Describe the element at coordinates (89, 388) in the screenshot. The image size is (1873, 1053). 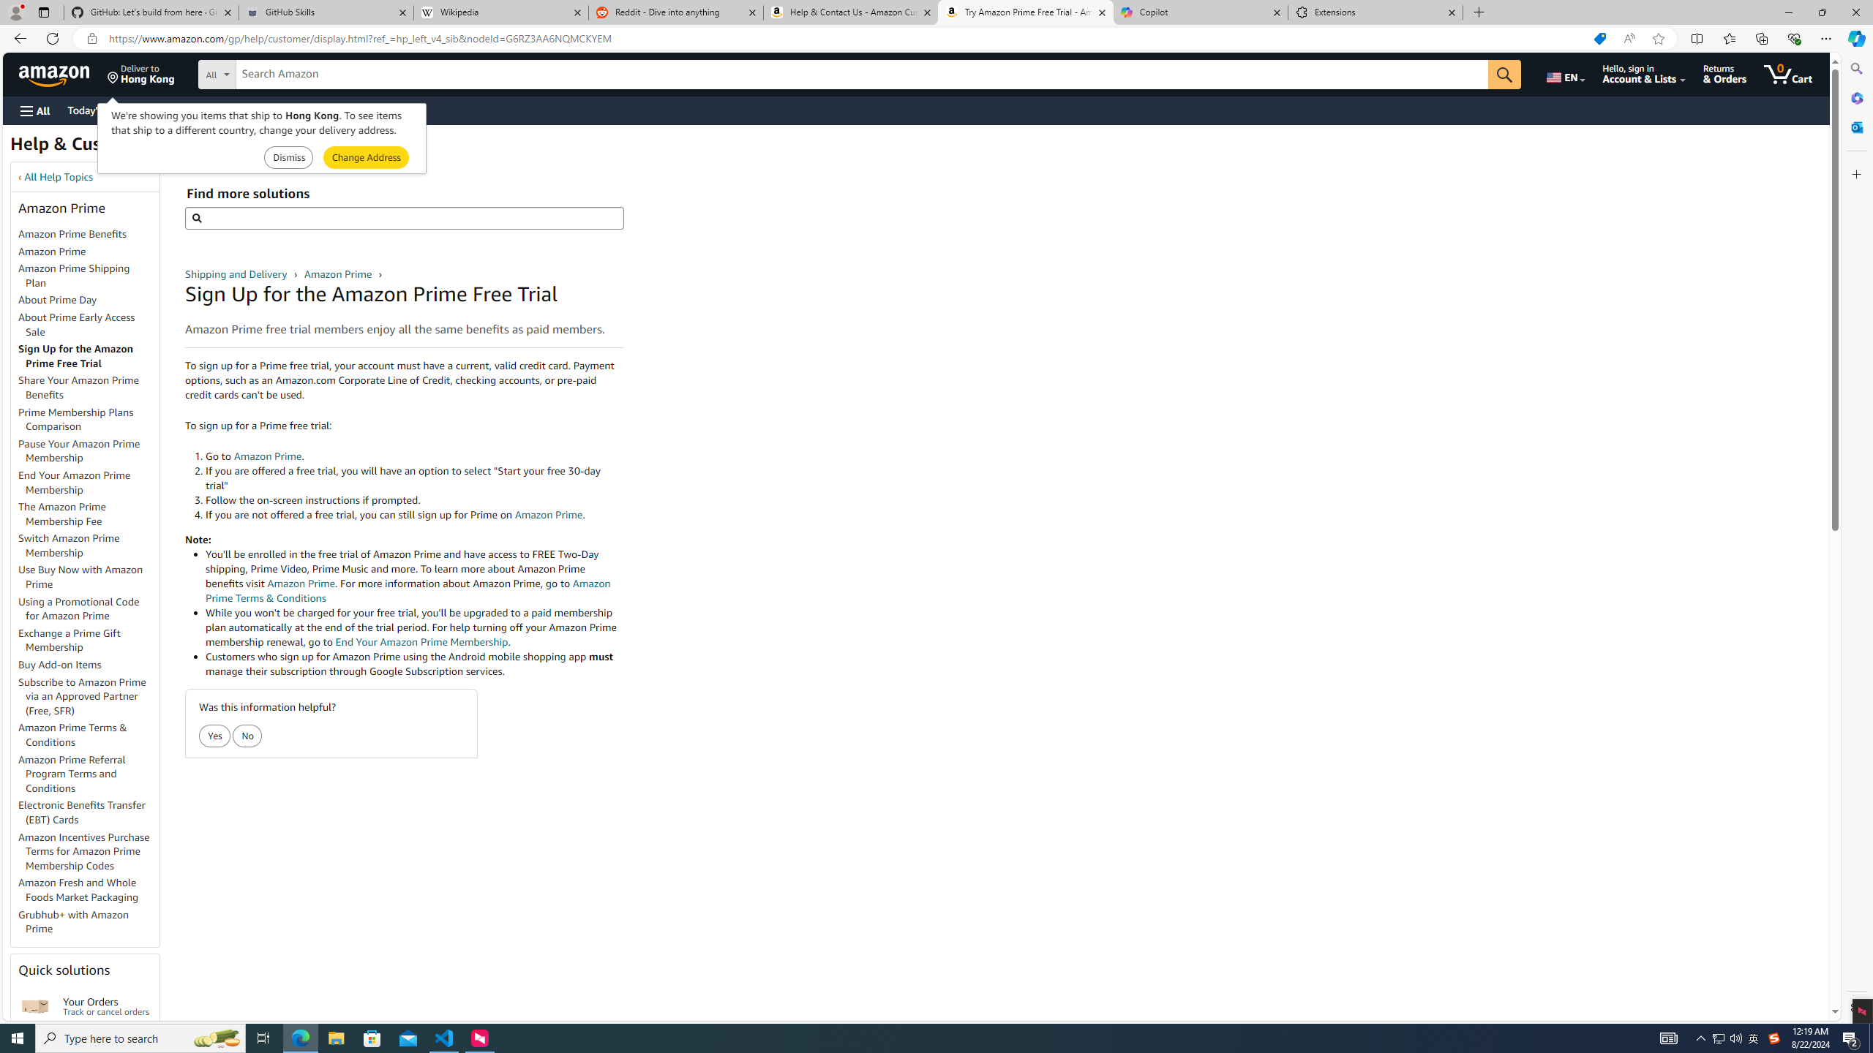
I see `'Share Your Amazon Prime Benefits'` at that location.